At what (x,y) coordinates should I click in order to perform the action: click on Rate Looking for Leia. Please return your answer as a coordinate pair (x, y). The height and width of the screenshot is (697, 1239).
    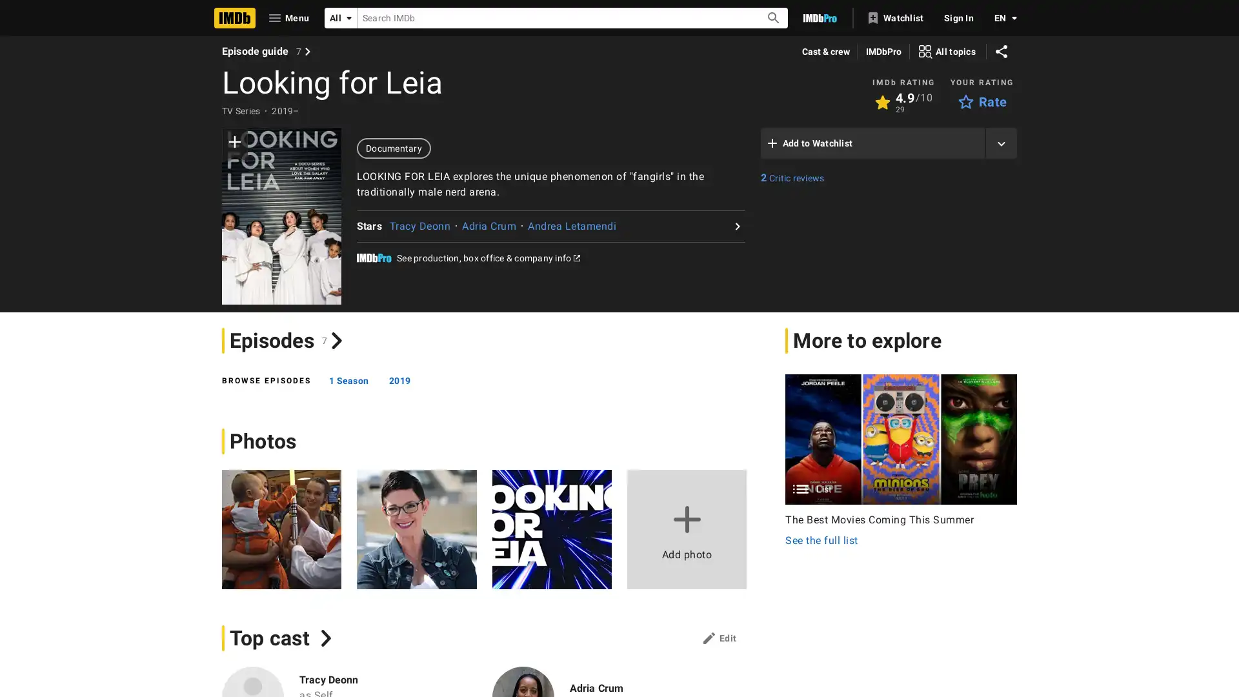
    Looking at the image, I should click on (982, 101).